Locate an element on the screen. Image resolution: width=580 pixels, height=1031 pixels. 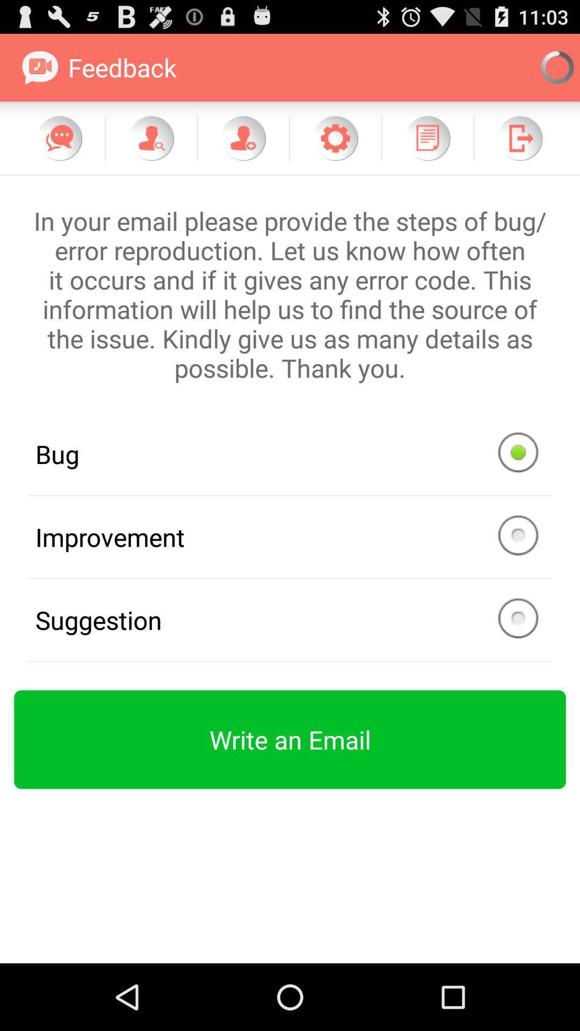
search for a person is located at coordinates (151, 137).